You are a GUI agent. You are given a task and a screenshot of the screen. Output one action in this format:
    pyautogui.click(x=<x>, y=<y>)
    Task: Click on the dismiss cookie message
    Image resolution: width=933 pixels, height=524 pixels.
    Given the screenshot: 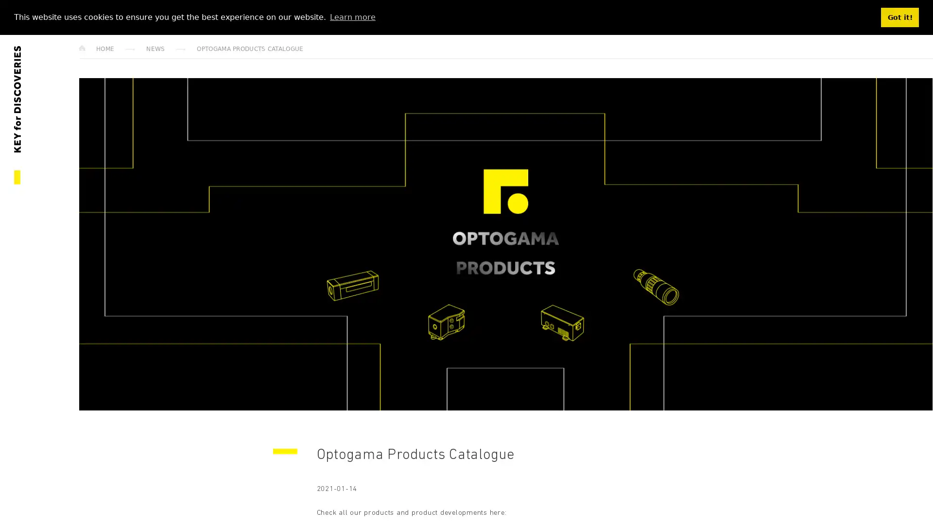 What is the action you would take?
    pyautogui.click(x=899, y=17)
    